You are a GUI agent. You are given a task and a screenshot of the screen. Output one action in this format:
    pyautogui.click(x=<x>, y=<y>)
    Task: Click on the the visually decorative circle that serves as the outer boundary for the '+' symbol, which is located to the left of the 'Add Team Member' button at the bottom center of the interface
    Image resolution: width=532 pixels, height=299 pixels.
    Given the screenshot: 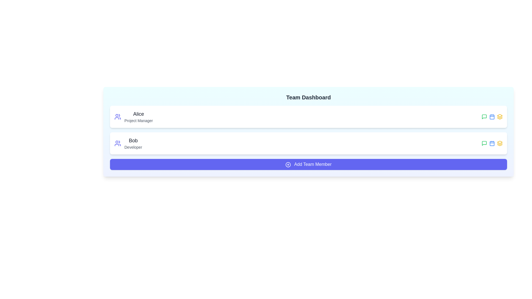 What is the action you would take?
    pyautogui.click(x=288, y=164)
    